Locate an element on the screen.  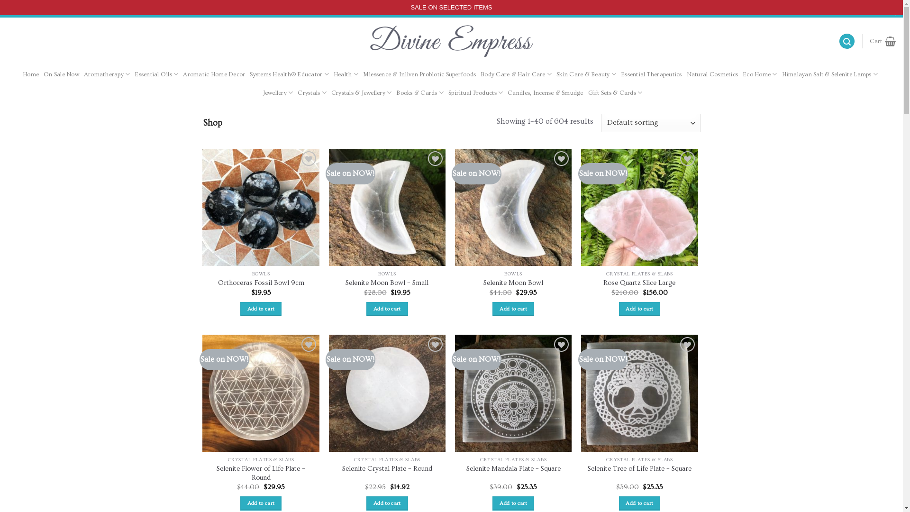
'Rose Quartz Slice Large' is located at coordinates (639, 283).